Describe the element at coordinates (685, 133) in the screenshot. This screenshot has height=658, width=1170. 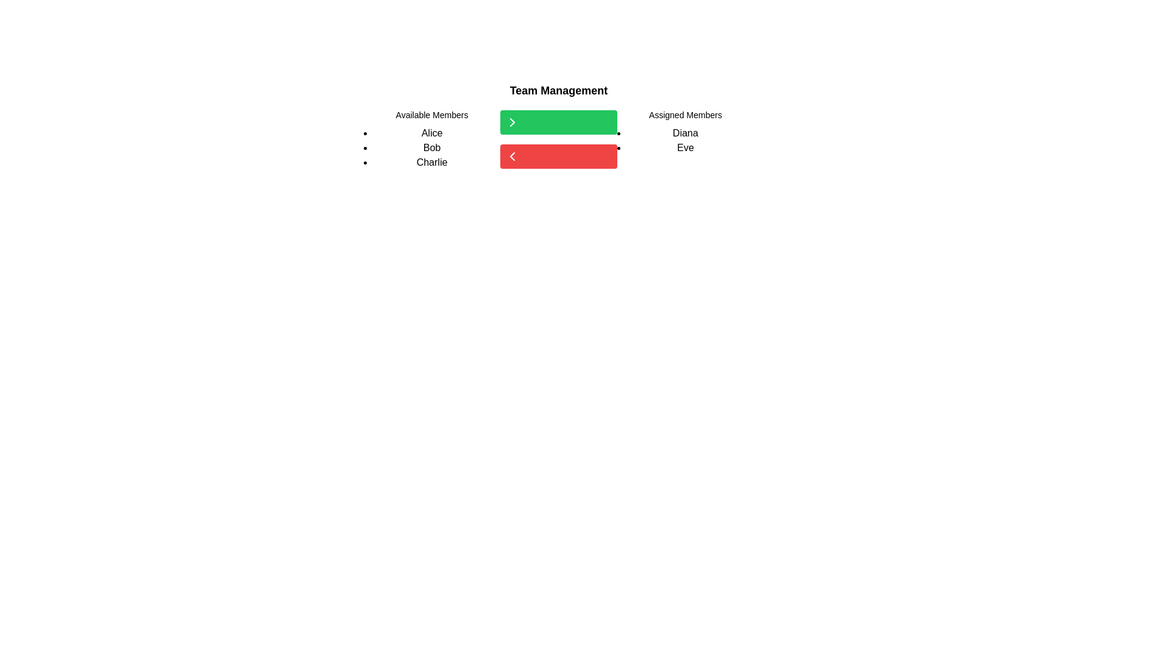
I see `the text element representing the name 'Diana', which is the first item in the 'Assigned Members' section` at that location.